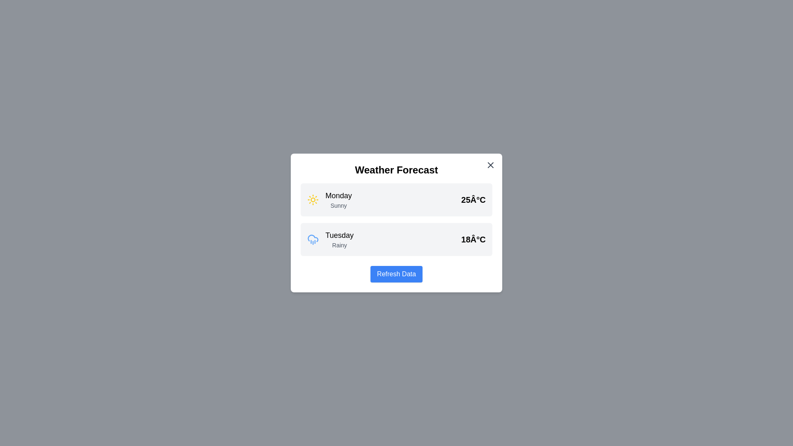 This screenshot has height=446, width=793. I want to click on the close button (X icon) located at the top right corner of the 'Weather Forecast' modal, so click(491, 165).